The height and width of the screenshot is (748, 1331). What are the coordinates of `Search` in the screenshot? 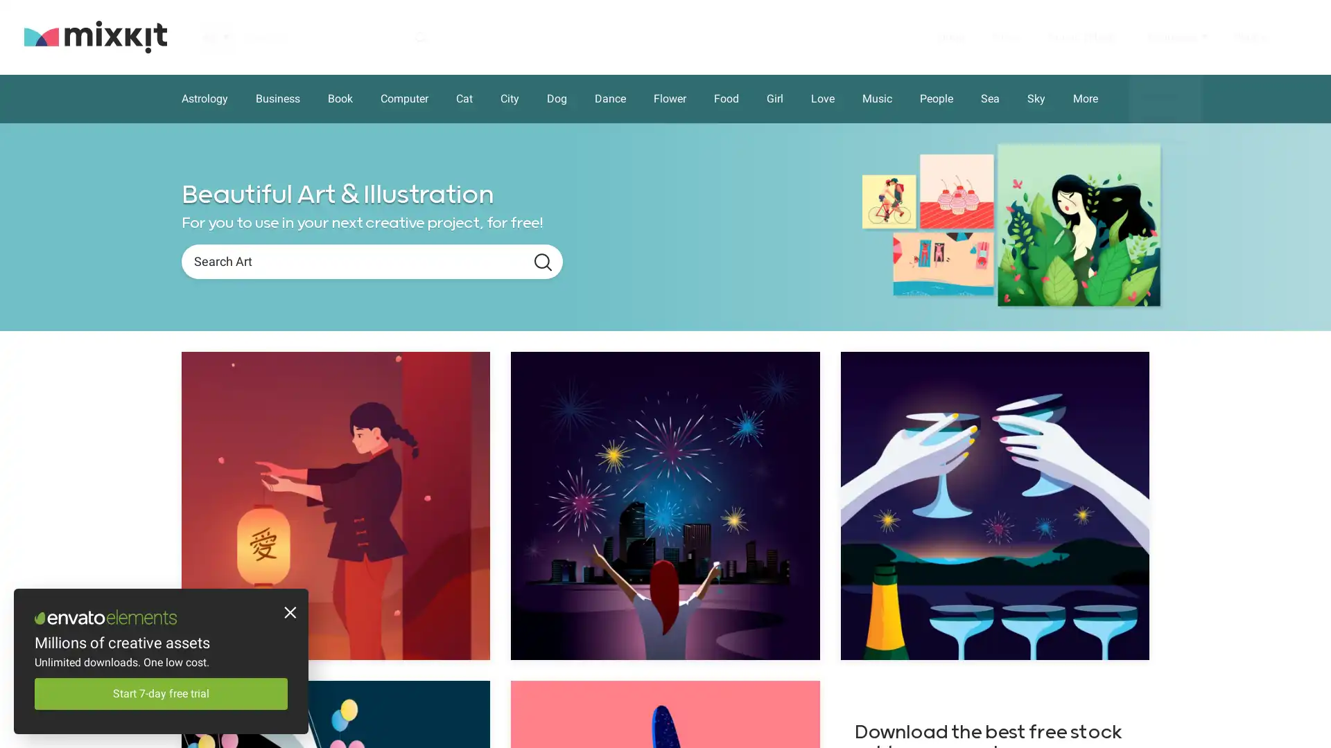 It's located at (542, 262).